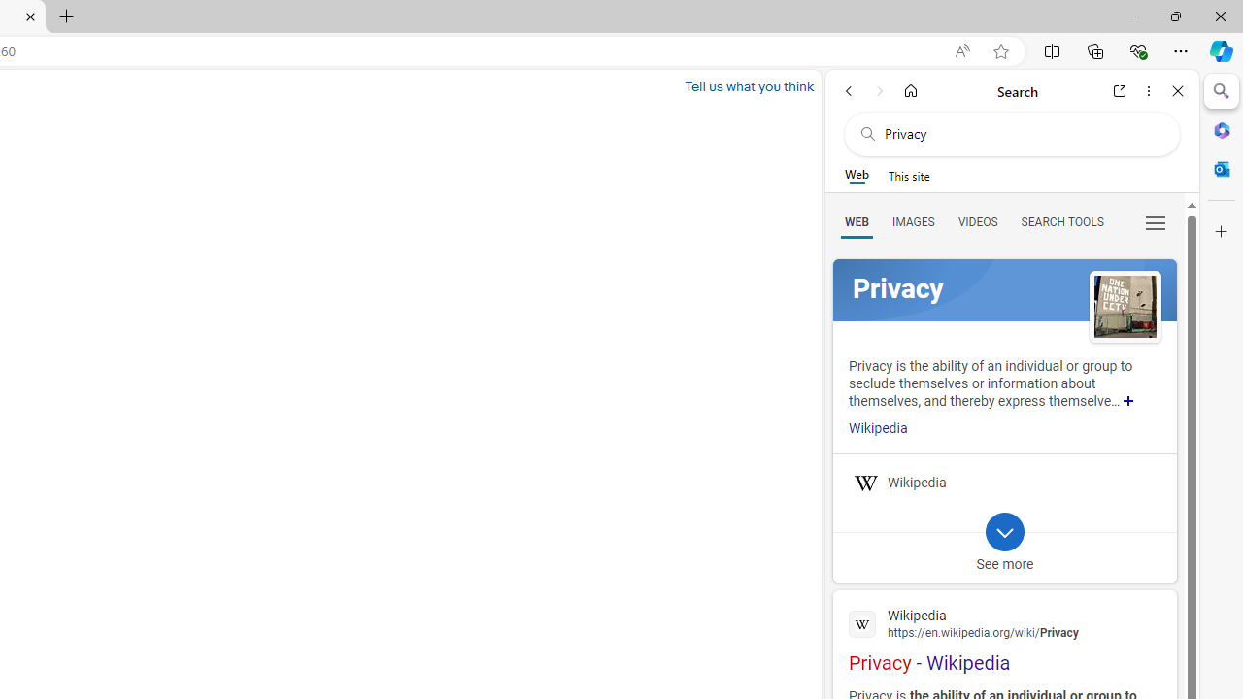 This screenshot has height=699, width=1243. I want to click on 'Tell us what you think - Link opens in a new window', so click(748, 85).